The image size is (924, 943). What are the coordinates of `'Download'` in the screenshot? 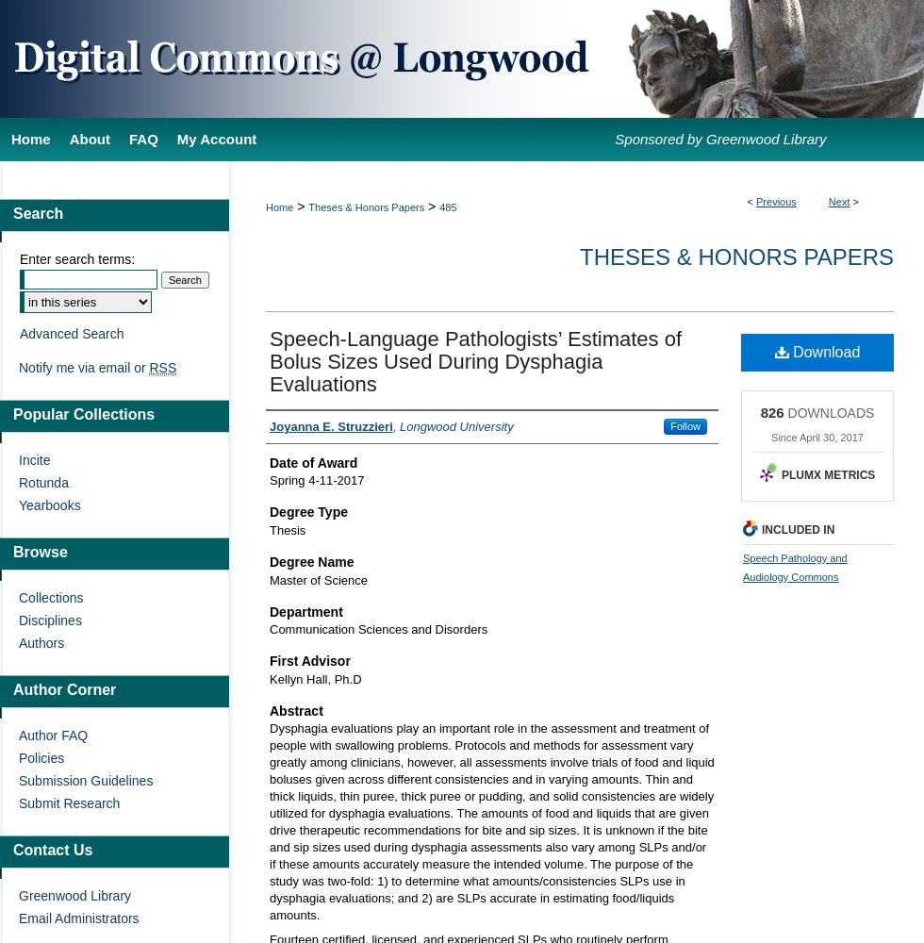 It's located at (788, 350).